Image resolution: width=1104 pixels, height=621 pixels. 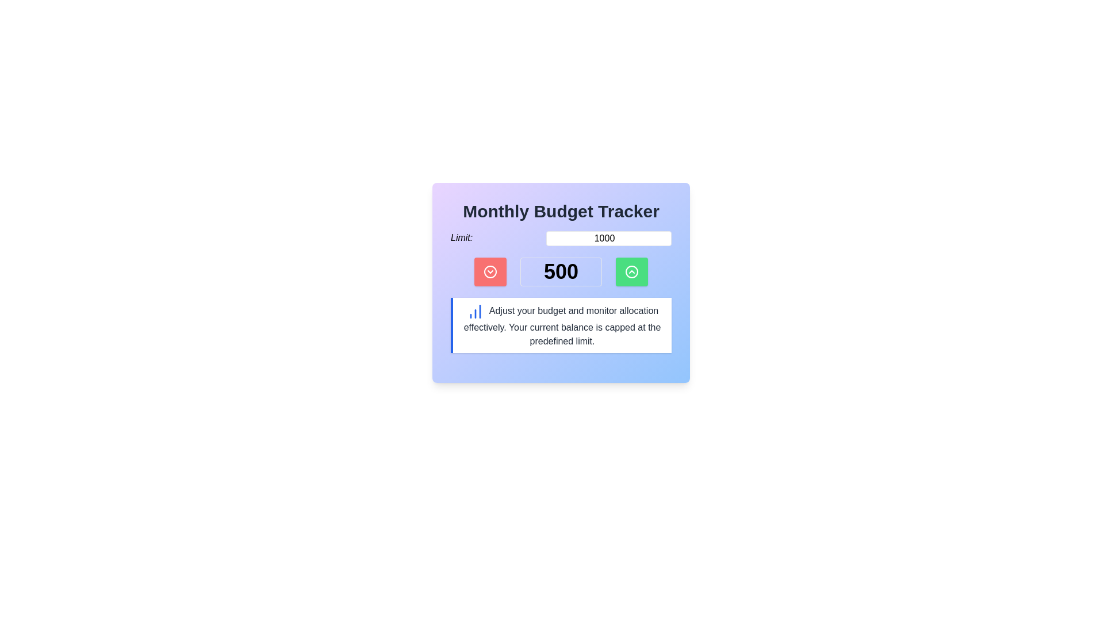 What do you see at coordinates (561, 272) in the screenshot?
I see `the Text label that displays the current value, which is centrally located within a horizontal section of the interface, flanked by a red icon on the left and a green icon on the right` at bounding box center [561, 272].